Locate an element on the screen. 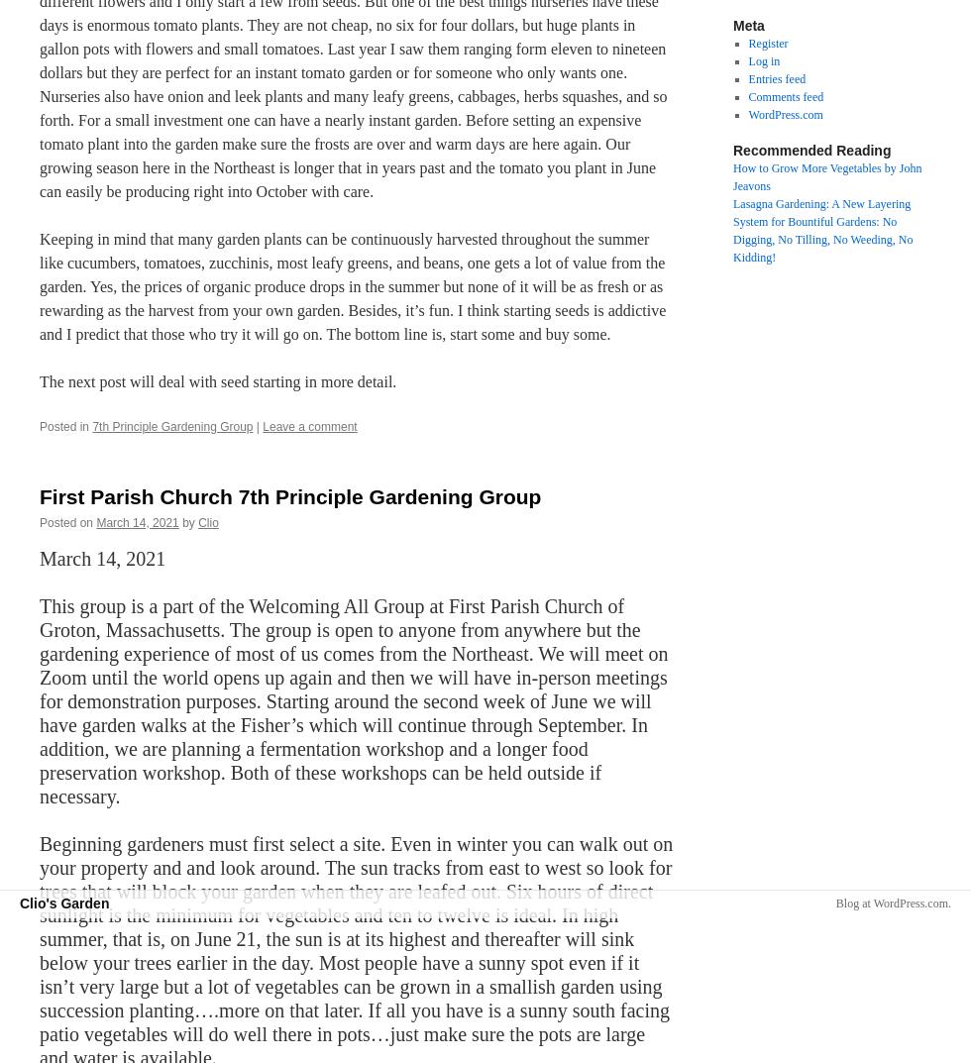 This screenshot has height=1063, width=971. 'This group is a part of the Welcoming All Group at First Parish Church of Groton, Massachusetts.  The group is open to anyone from anywhere but the gardening experience of most of us comes from the Northeast. We will meet on Zoom until the world opens up again and then we will have in-person meetings for demonstration purposes.  Starting around the second week of June we will have garden walks at the Fisher’s which will continue through September. In addition, we are planning a fermentation workshop and a longer food preservation workshop. Both of these workshops can be held outside if necessary.' is located at coordinates (354, 699).